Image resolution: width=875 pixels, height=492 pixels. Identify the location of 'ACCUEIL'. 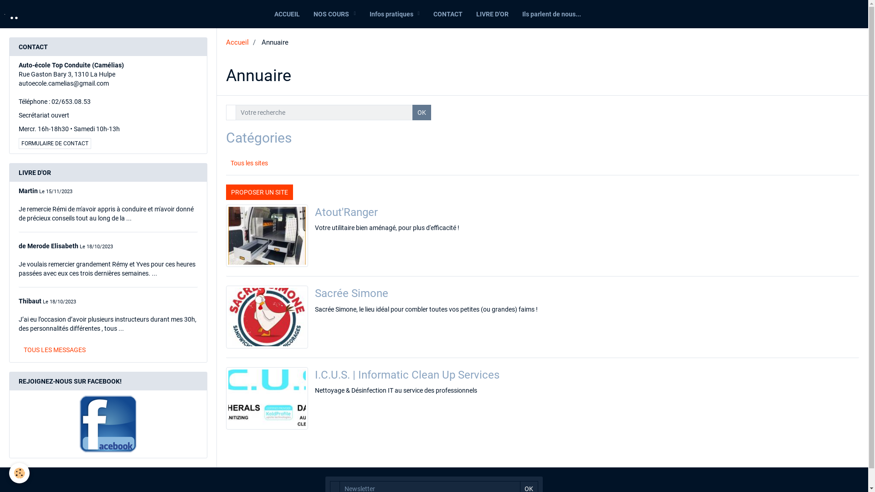
(286, 14).